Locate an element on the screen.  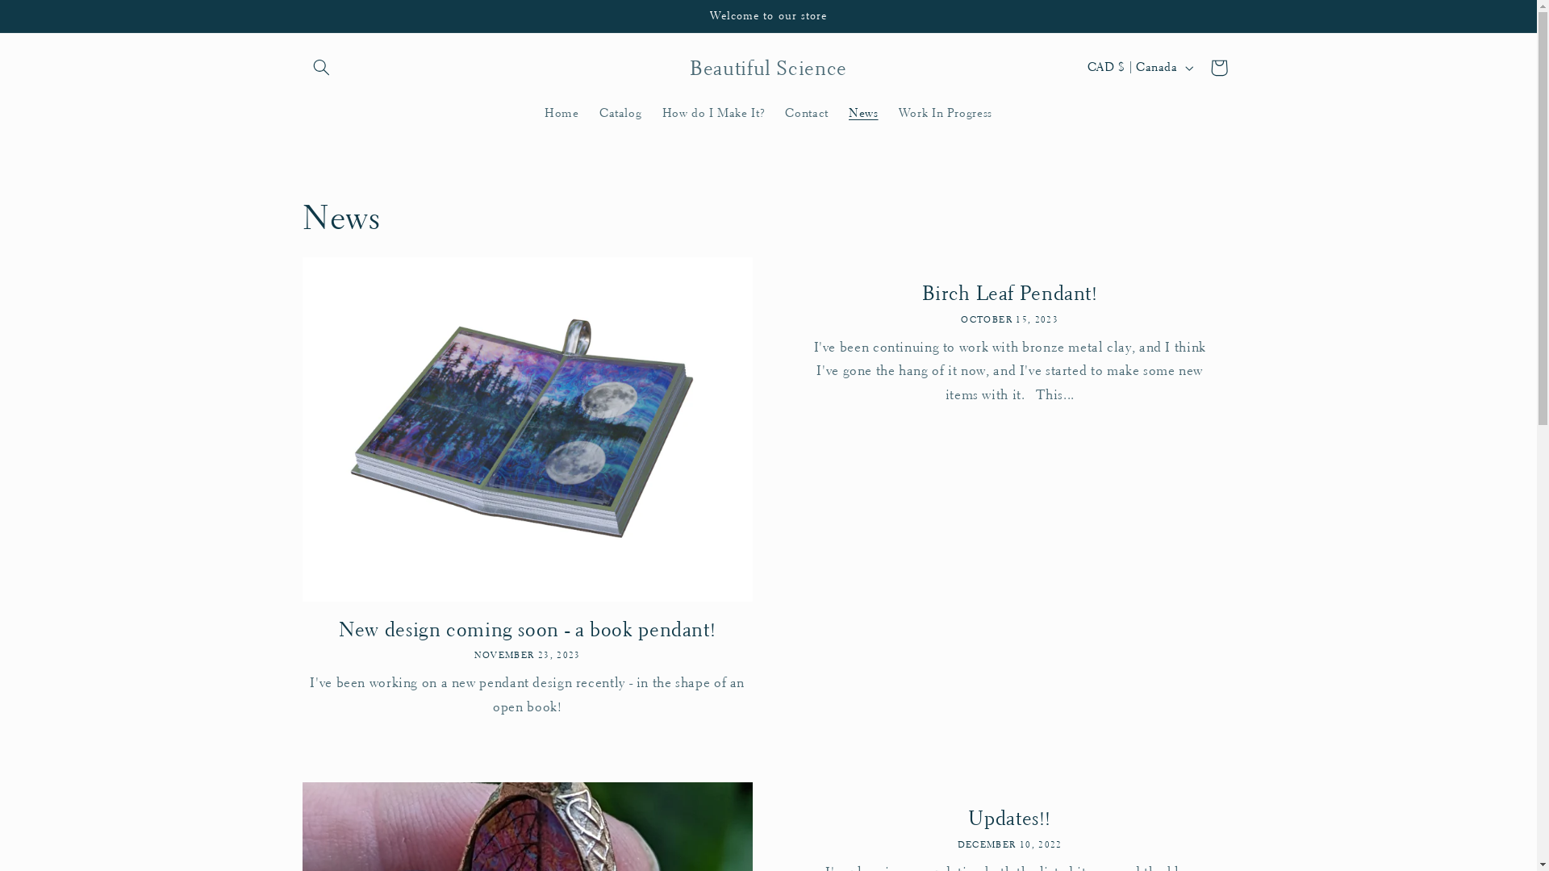
'Home' is located at coordinates (562, 111).